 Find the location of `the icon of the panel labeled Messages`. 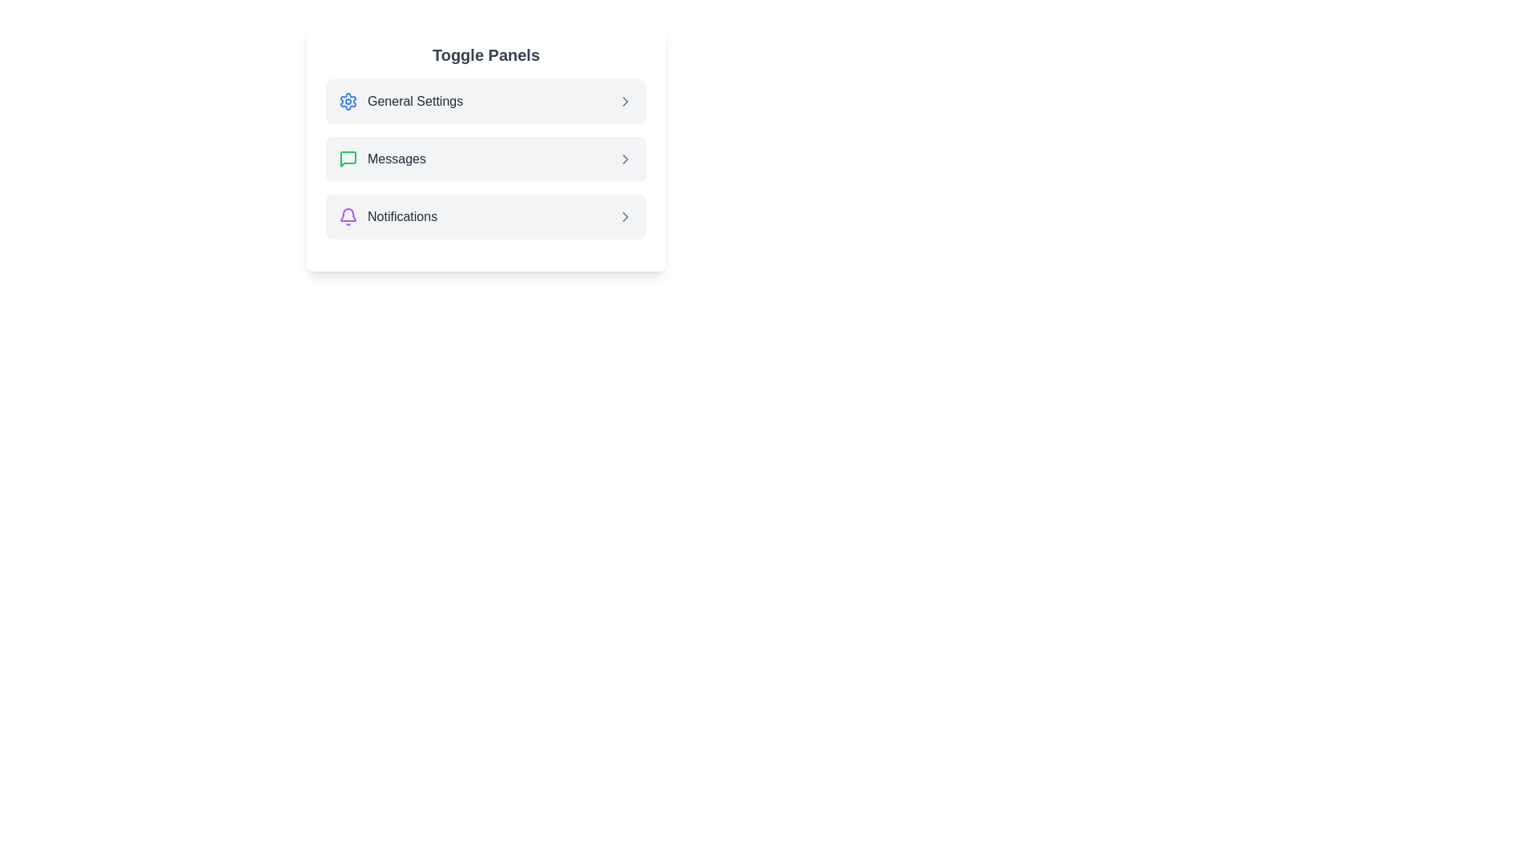

the icon of the panel labeled Messages is located at coordinates (348, 159).